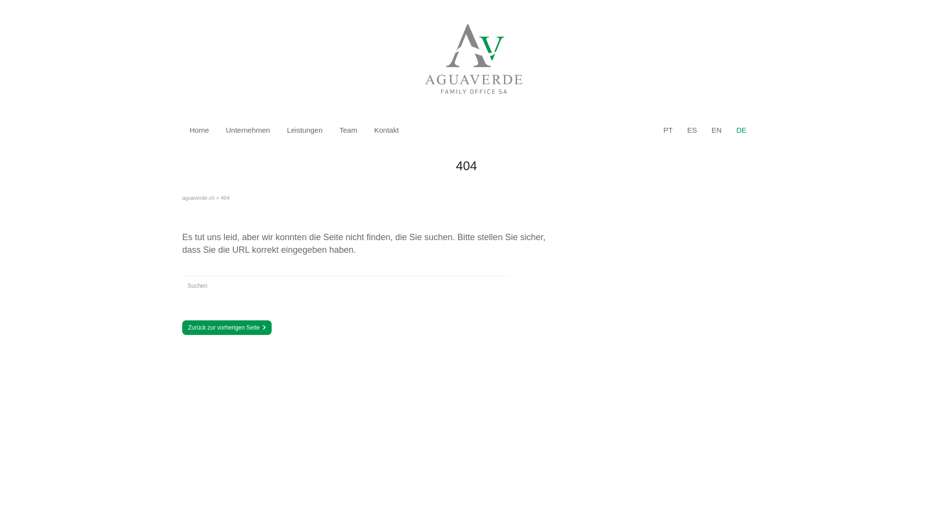 The width and height of the screenshot is (933, 525). Describe the element at coordinates (386, 129) in the screenshot. I see `'Kontakt'` at that location.